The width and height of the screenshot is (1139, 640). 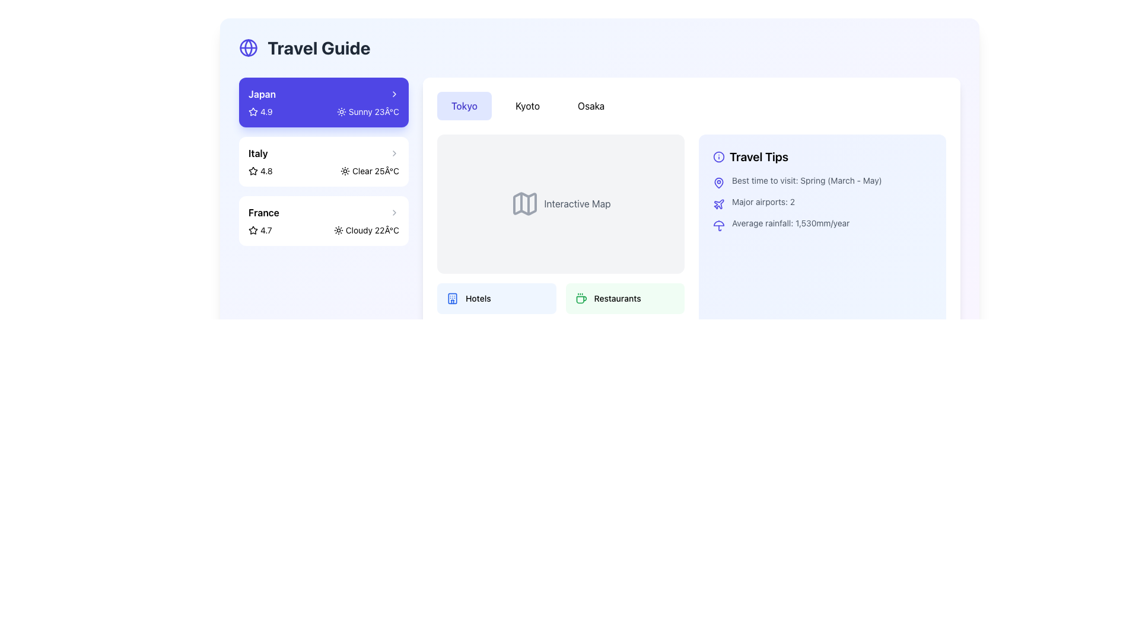 What do you see at coordinates (344, 171) in the screenshot?
I see `the sunny weather icon for Italy, which is located to the left of the text 'Clear 25°C' in the second list item of weather conditions` at bounding box center [344, 171].